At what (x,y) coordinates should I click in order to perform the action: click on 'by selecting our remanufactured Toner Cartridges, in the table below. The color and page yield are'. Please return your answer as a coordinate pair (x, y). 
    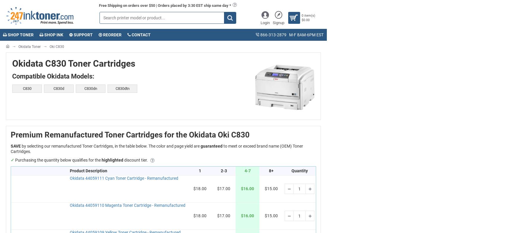
    Looking at the image, I should click on (111, 146).